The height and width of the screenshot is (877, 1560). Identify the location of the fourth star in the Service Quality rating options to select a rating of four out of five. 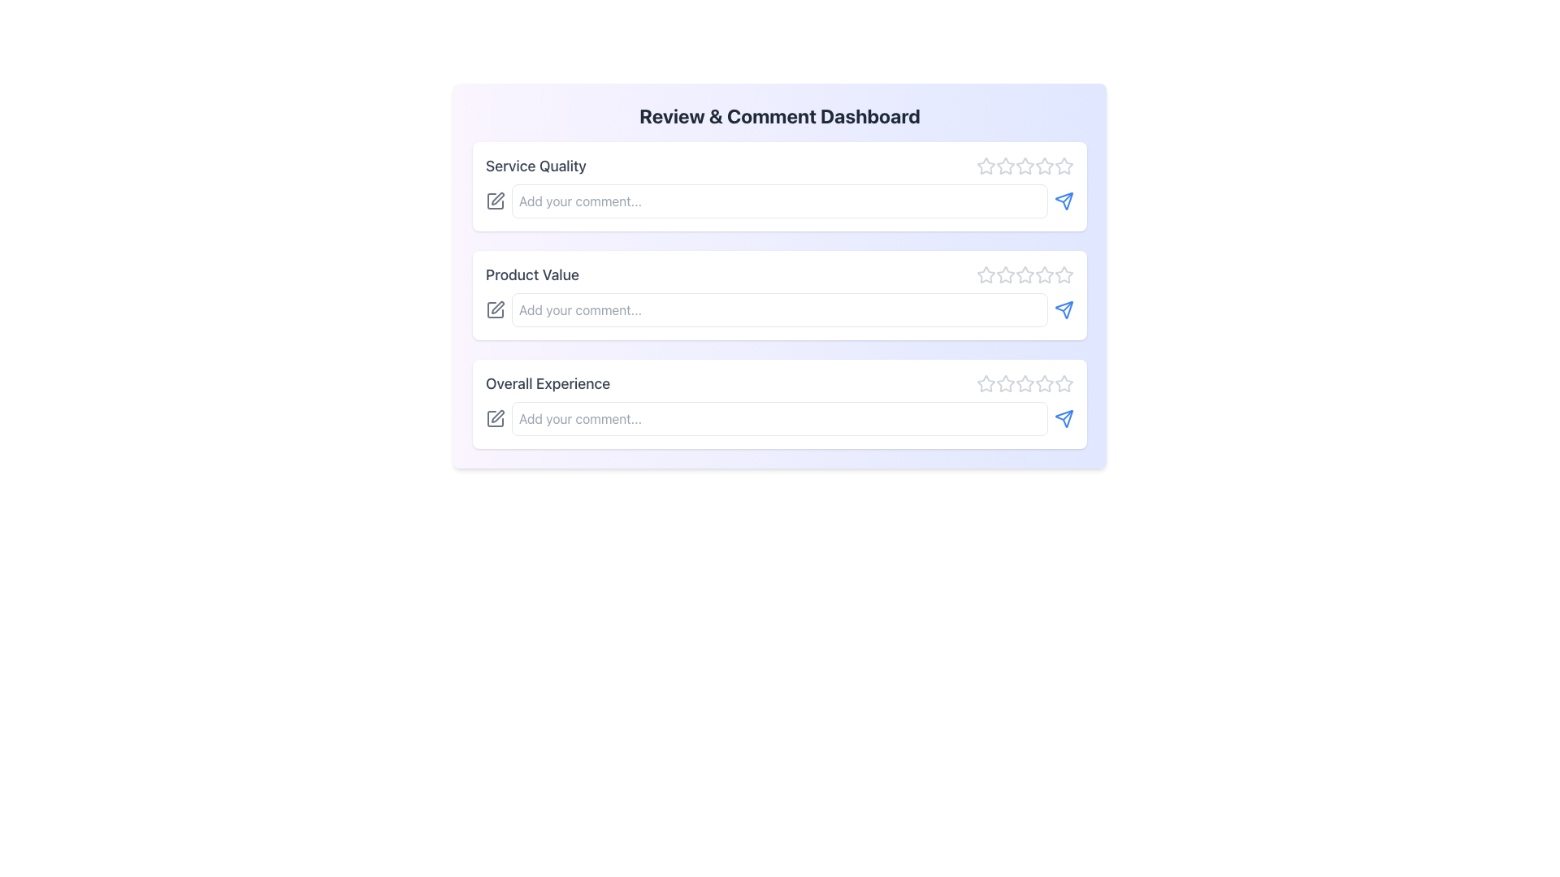
(1045, 166).